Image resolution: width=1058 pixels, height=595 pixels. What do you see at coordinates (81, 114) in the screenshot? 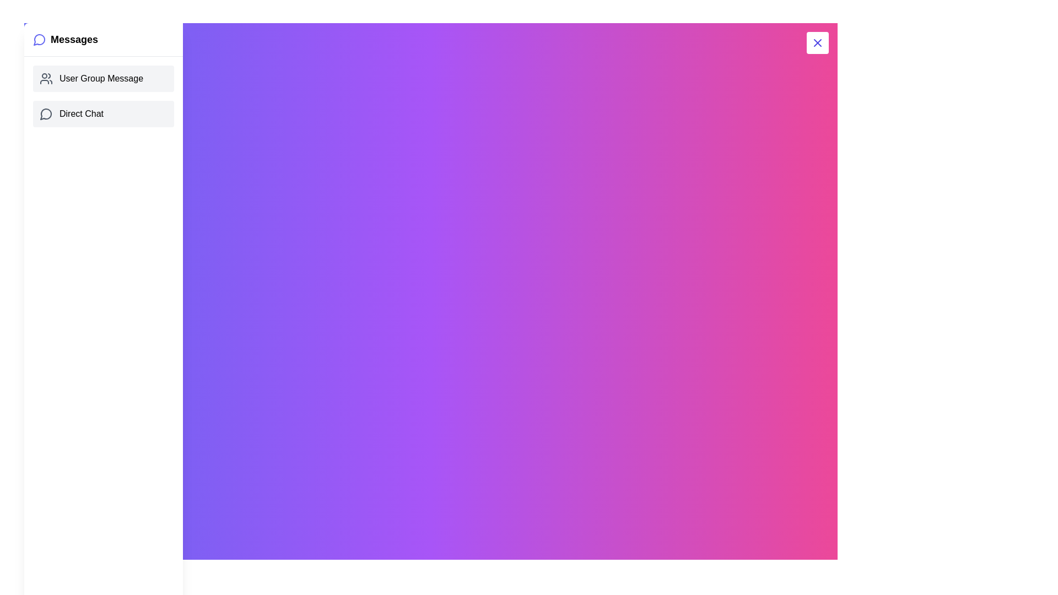
I see `on the 'Direct Chat' text label, which is styled in a sans-serif font and located within a light gray rectangular background in the sidebar` at bounding box center [81, 114].